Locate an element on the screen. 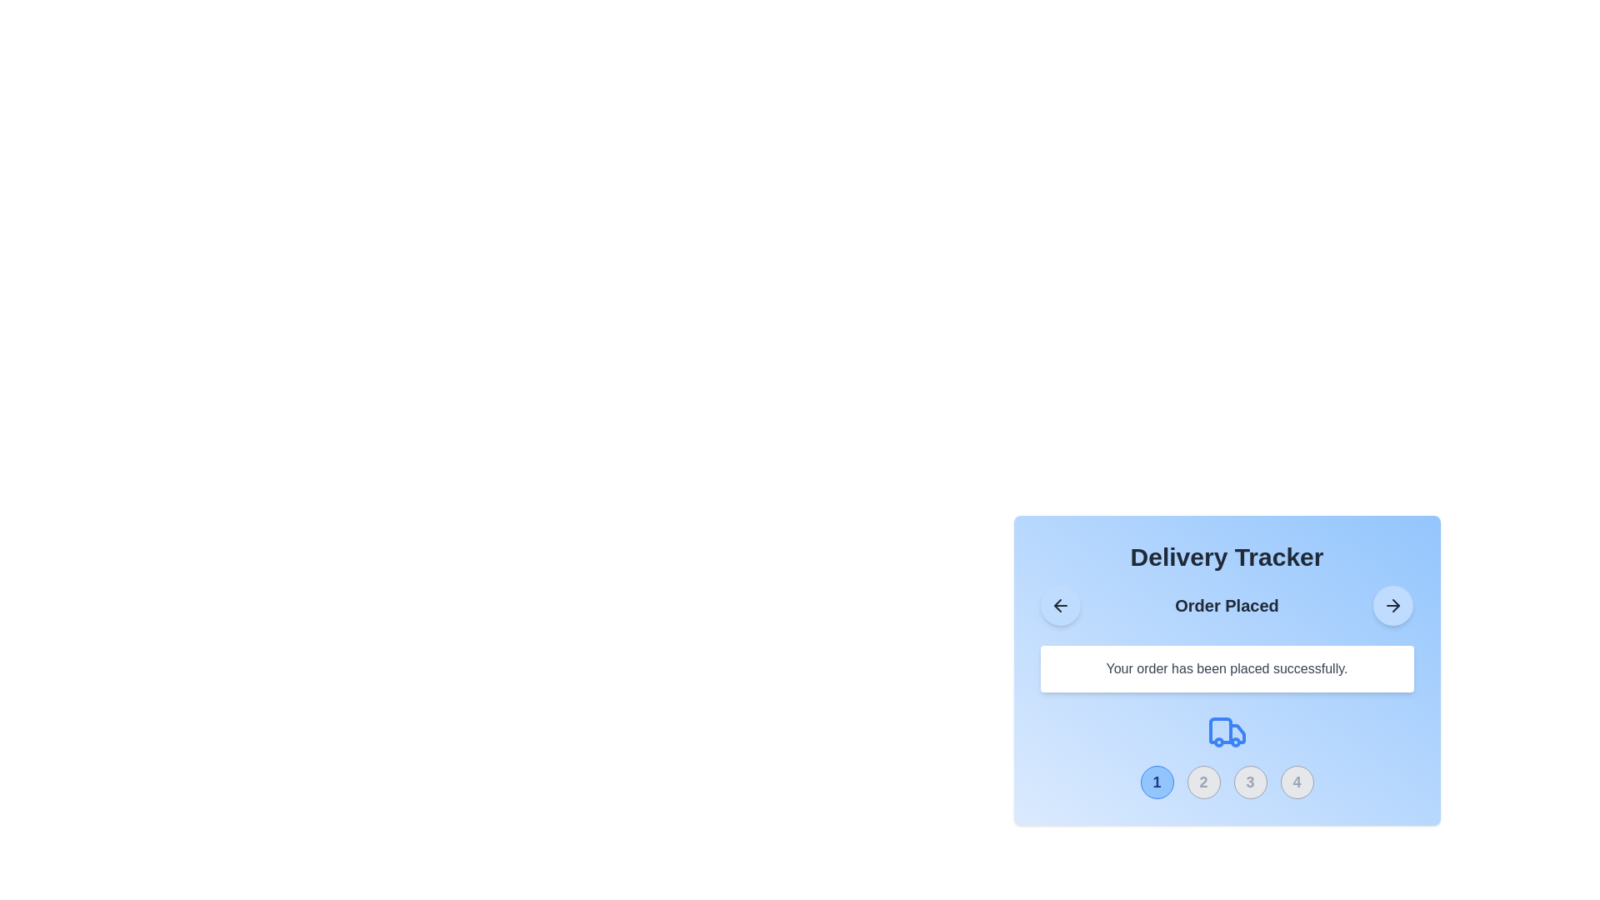 The height and width of the screenshot is (900, 1600). the first circular button with a blue background and a centered '1' digit is located at coordinates (1156, 782).